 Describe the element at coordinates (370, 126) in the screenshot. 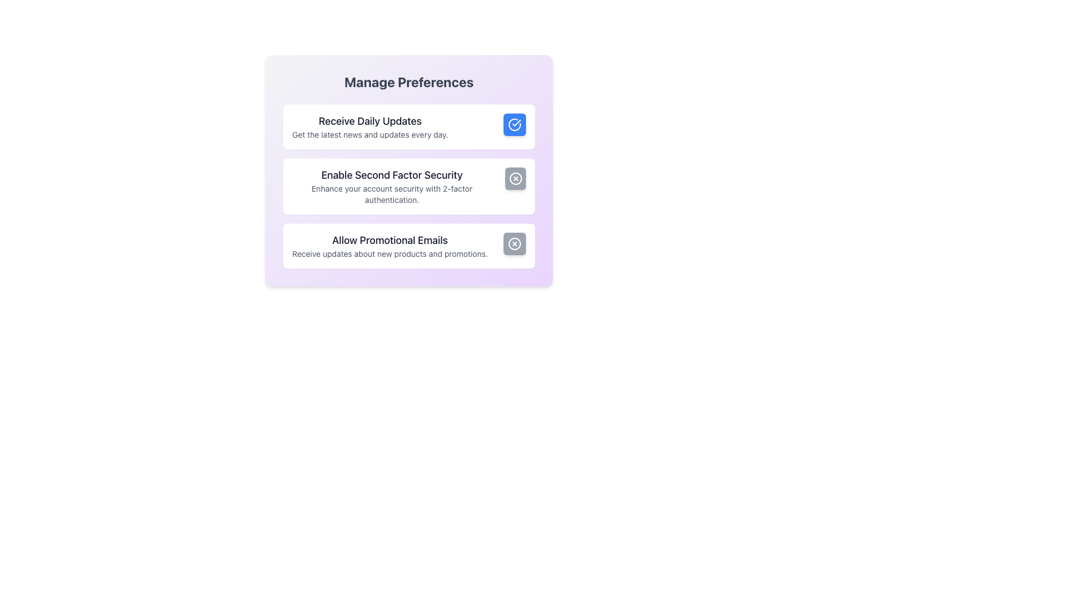

I see `the Informational Content Block that describes the preference option for receiving daily updates, positioned above the 'Enable Second Factor Security' item in the 'Manage Preferences' section` at that location.